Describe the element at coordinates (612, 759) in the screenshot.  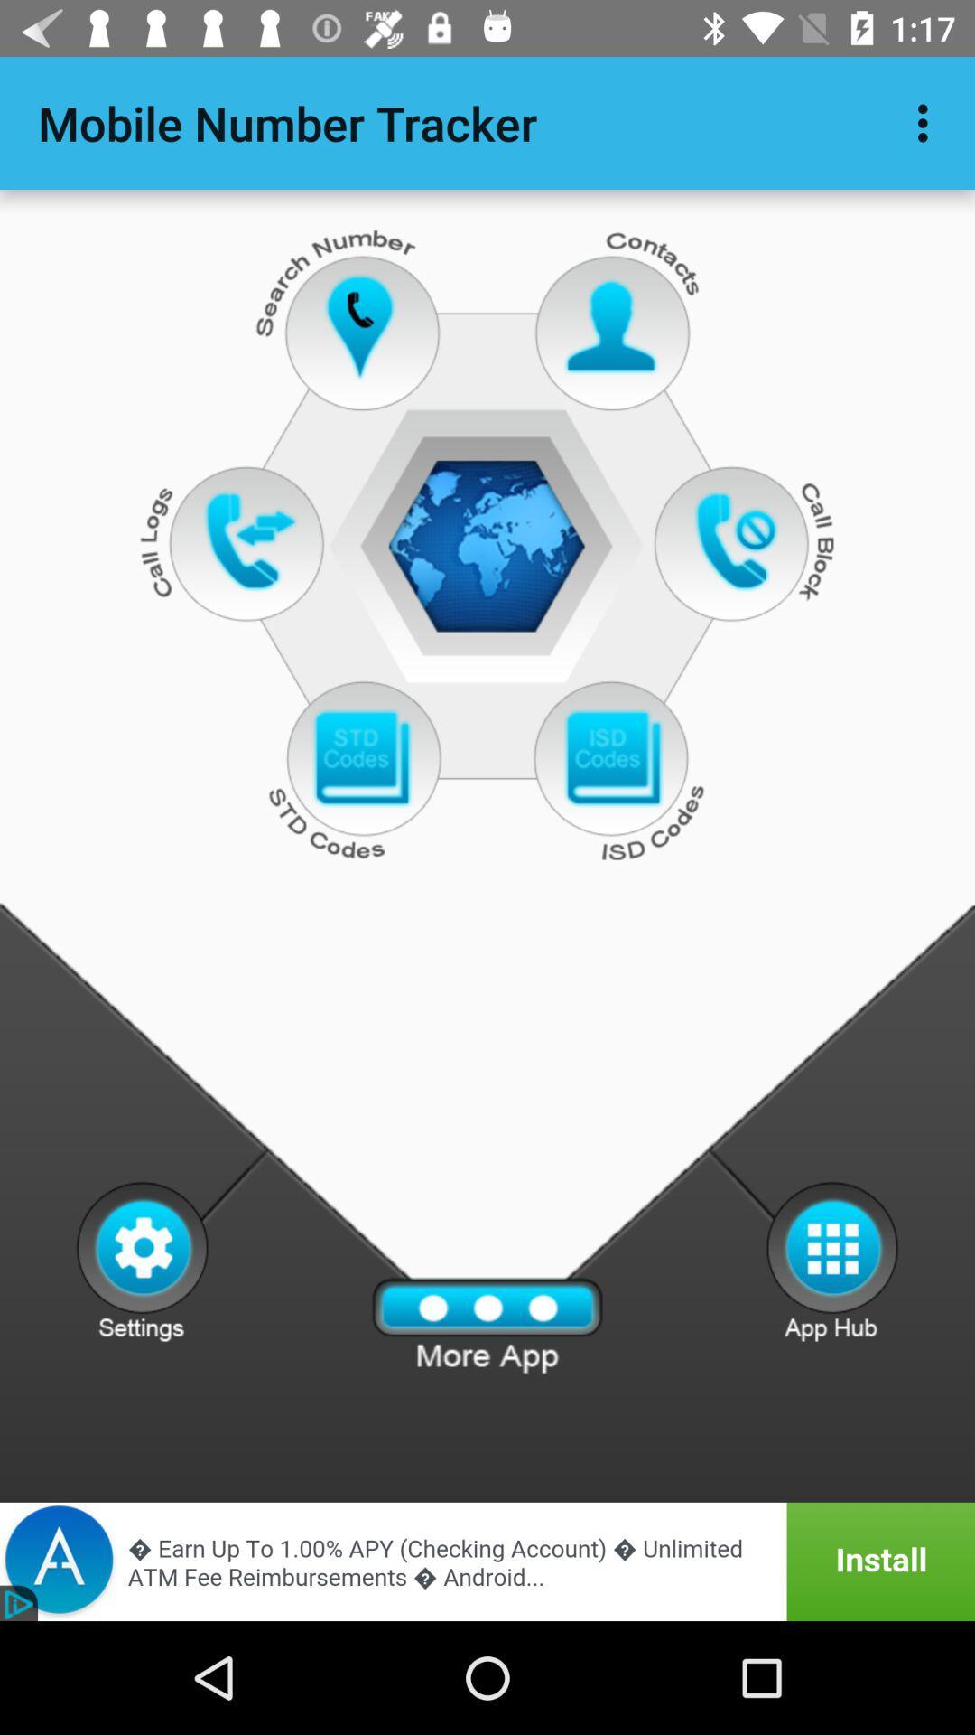
I see `isd codes option` at that location.